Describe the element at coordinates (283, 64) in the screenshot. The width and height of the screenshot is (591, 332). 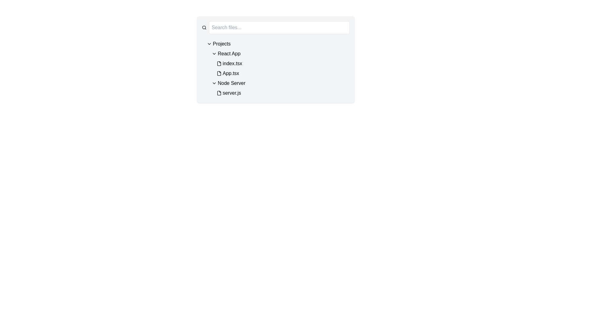
I see `the 'index.tsx' file entry` at that location.